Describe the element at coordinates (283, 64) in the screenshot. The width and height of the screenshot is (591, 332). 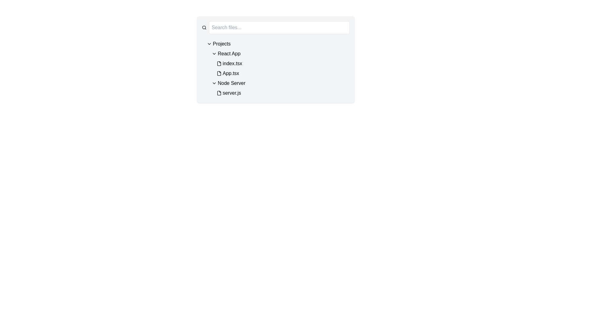
I see `the 'index.tsx' file entry` at that location.